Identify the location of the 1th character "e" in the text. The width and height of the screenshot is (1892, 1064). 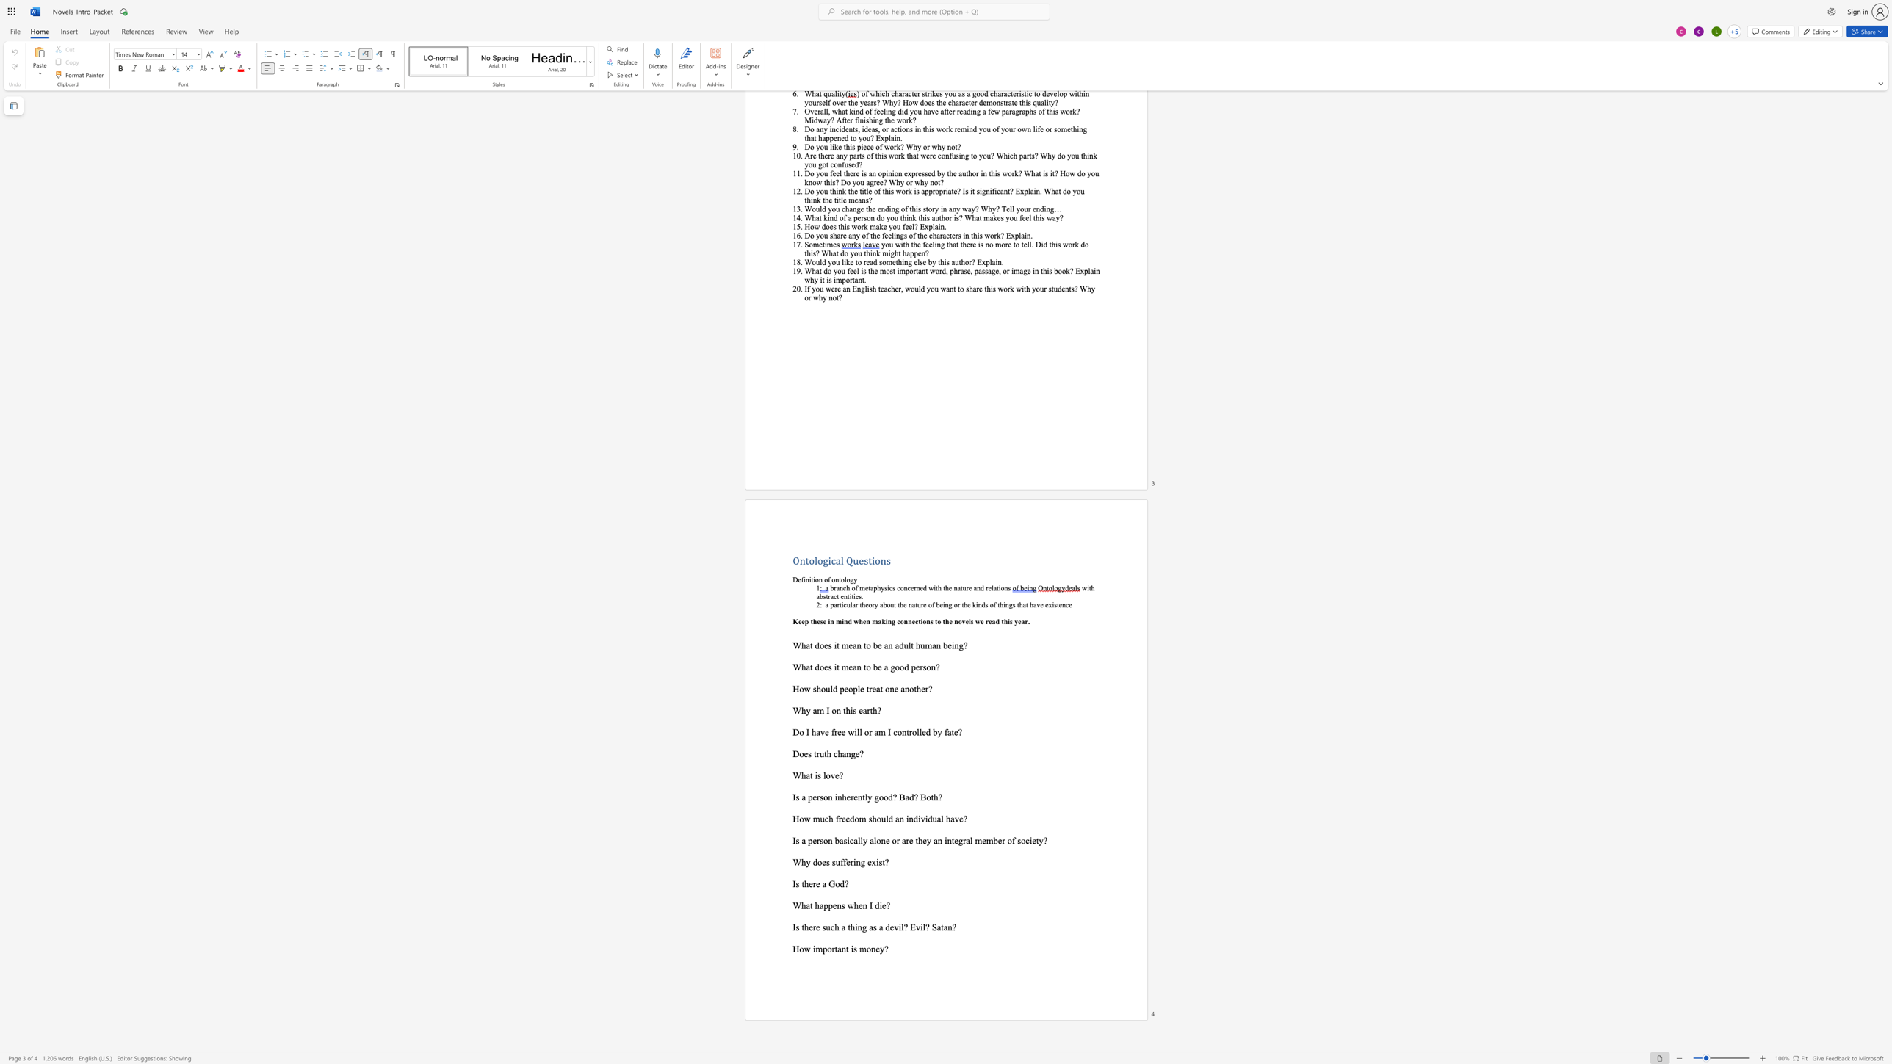
(887, 840).